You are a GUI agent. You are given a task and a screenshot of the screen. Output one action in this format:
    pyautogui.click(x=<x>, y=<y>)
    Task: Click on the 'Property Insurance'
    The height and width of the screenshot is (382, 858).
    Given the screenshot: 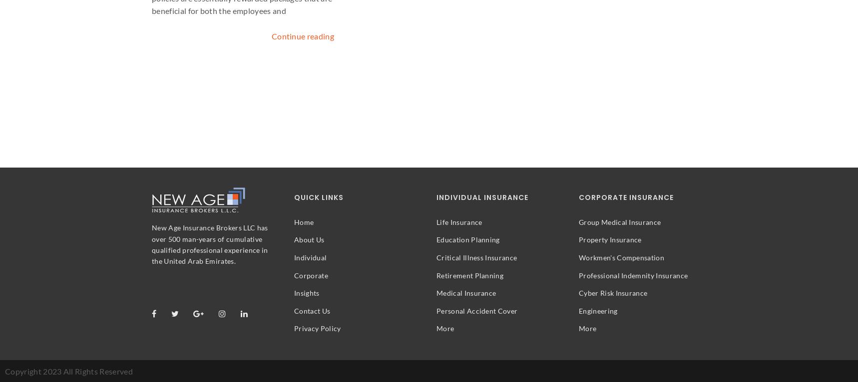 What is the action you would take?
    pyautogui.click(x=609, y=239)
    